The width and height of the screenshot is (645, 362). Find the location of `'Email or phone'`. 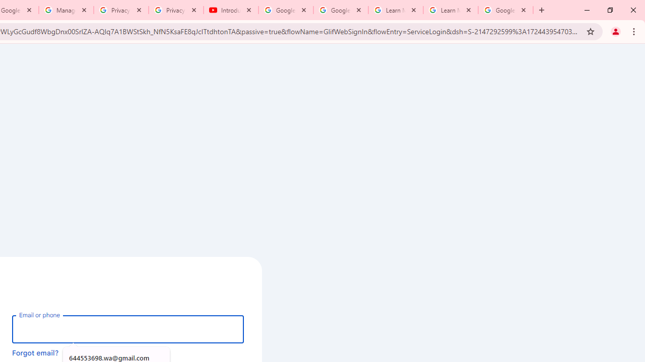

'Email or phone' is located at coordinates (127, 329).